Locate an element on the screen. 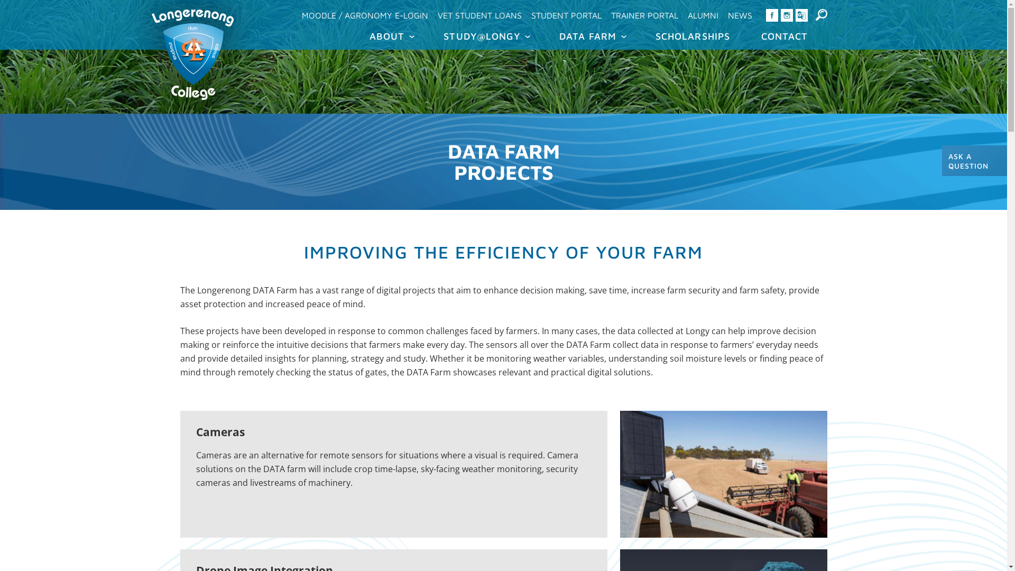  'VET STUDENT LOANS' is located at coordinates (478, 15).